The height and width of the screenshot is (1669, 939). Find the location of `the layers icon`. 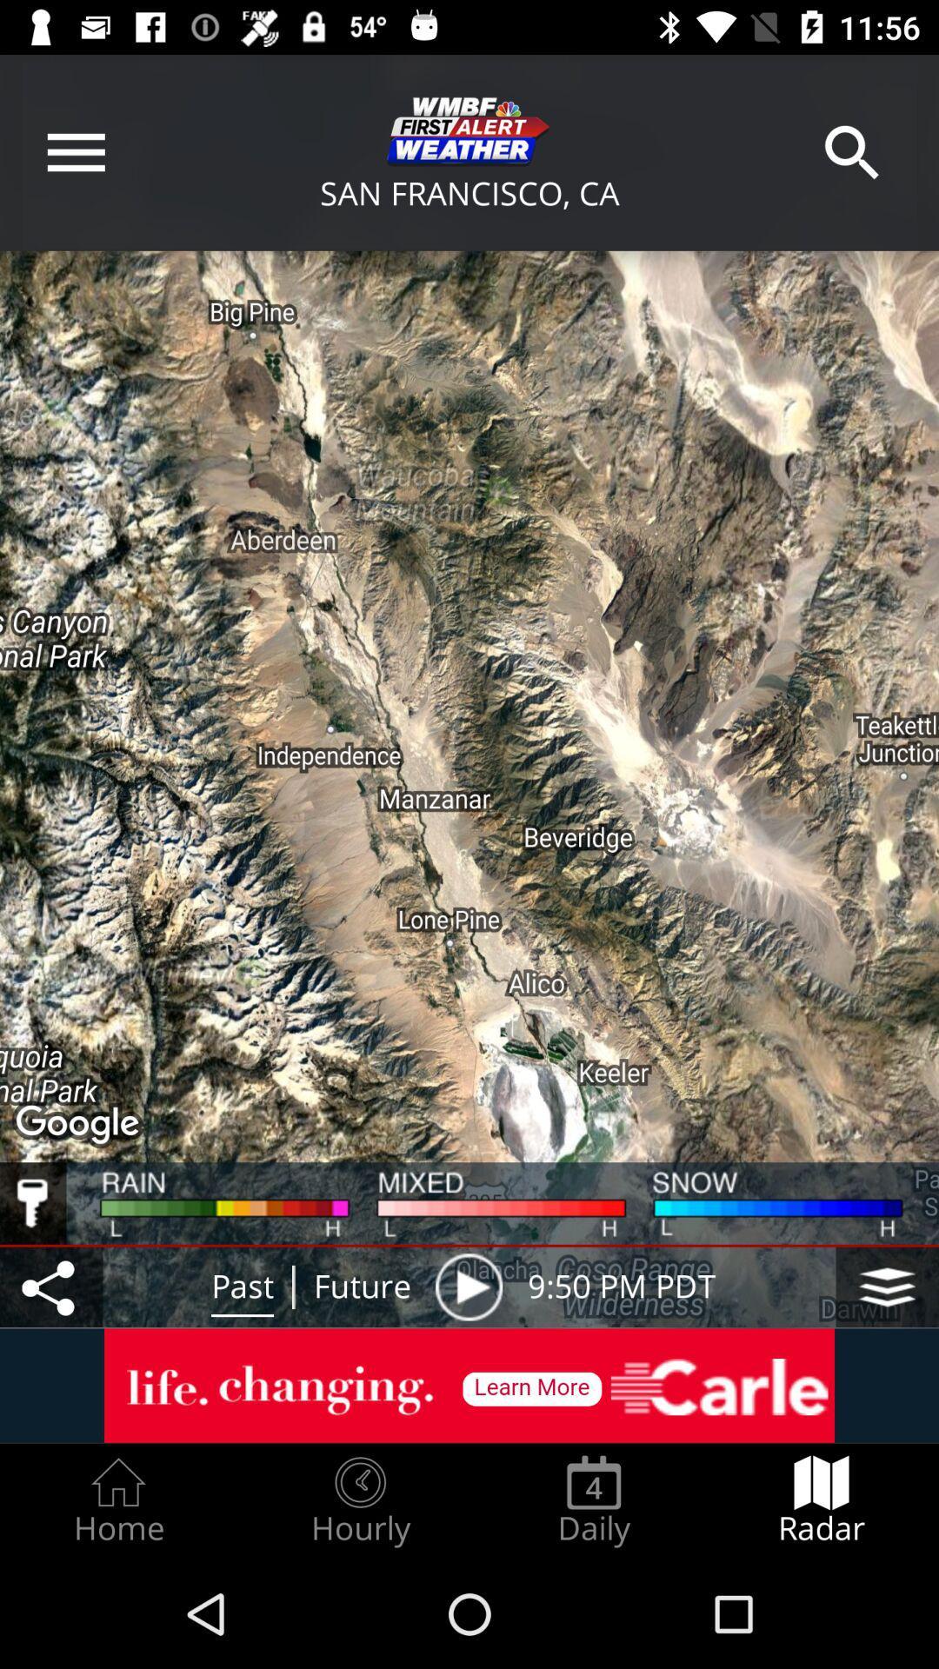

the layers icon is located at coordinates (887, 1287).